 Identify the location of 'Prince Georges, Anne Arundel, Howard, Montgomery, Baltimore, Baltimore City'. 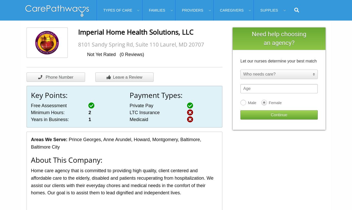
(115, 143).